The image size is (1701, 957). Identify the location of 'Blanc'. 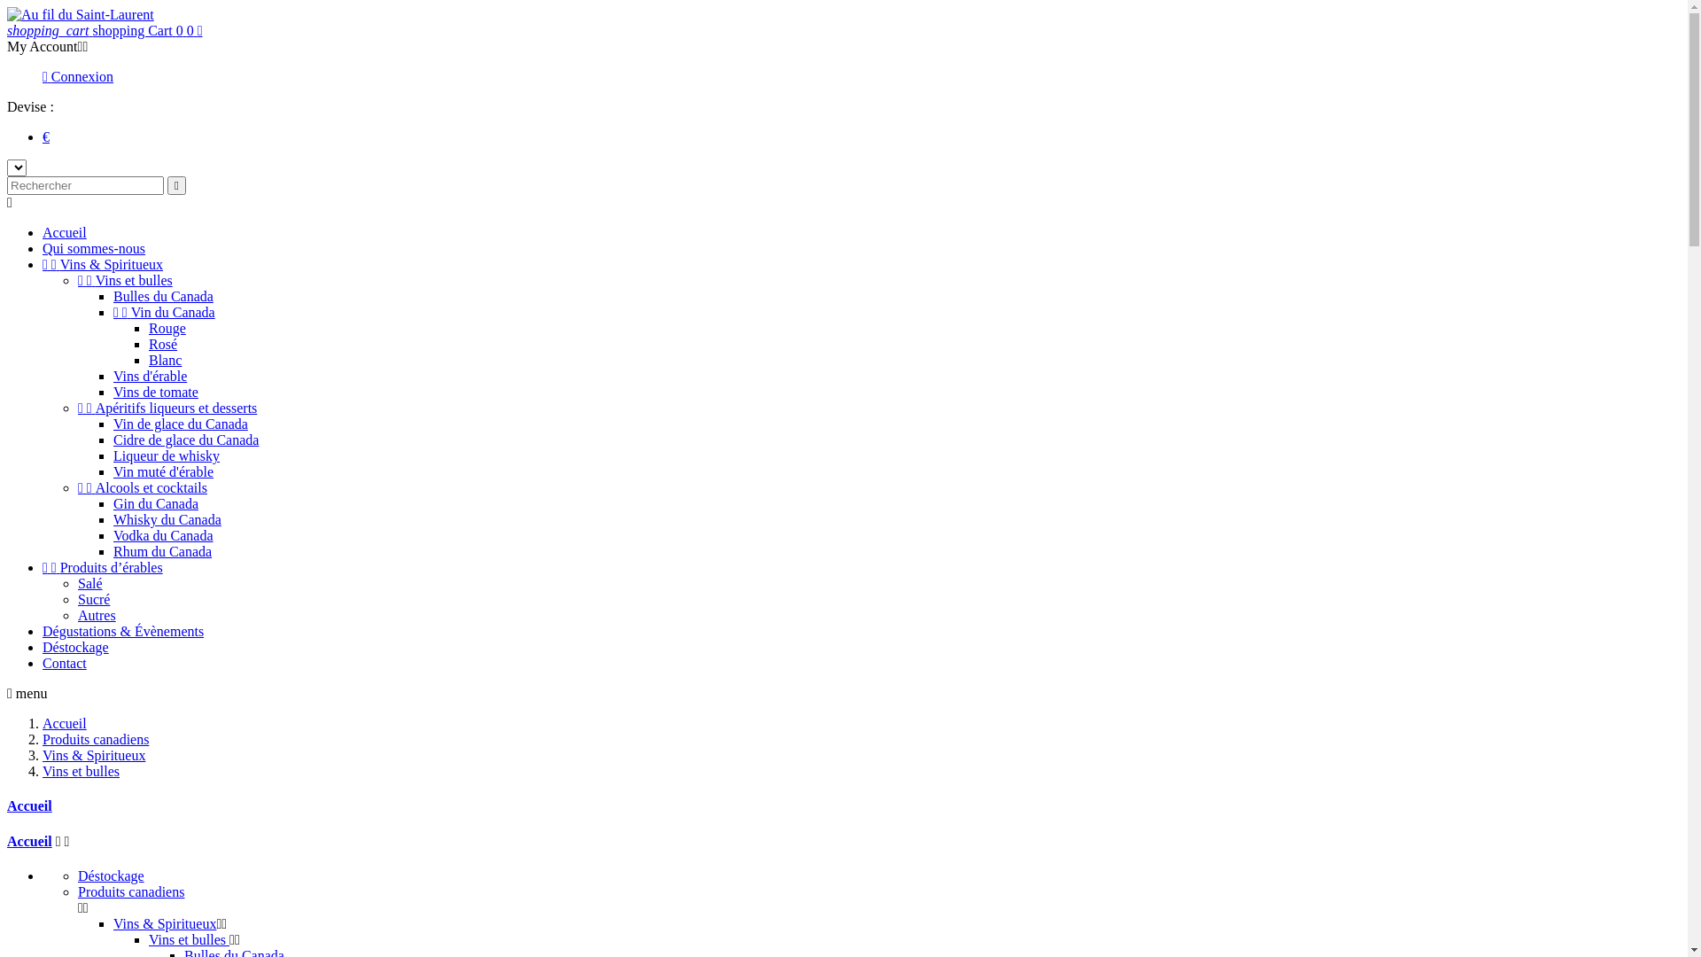
(149, 359).